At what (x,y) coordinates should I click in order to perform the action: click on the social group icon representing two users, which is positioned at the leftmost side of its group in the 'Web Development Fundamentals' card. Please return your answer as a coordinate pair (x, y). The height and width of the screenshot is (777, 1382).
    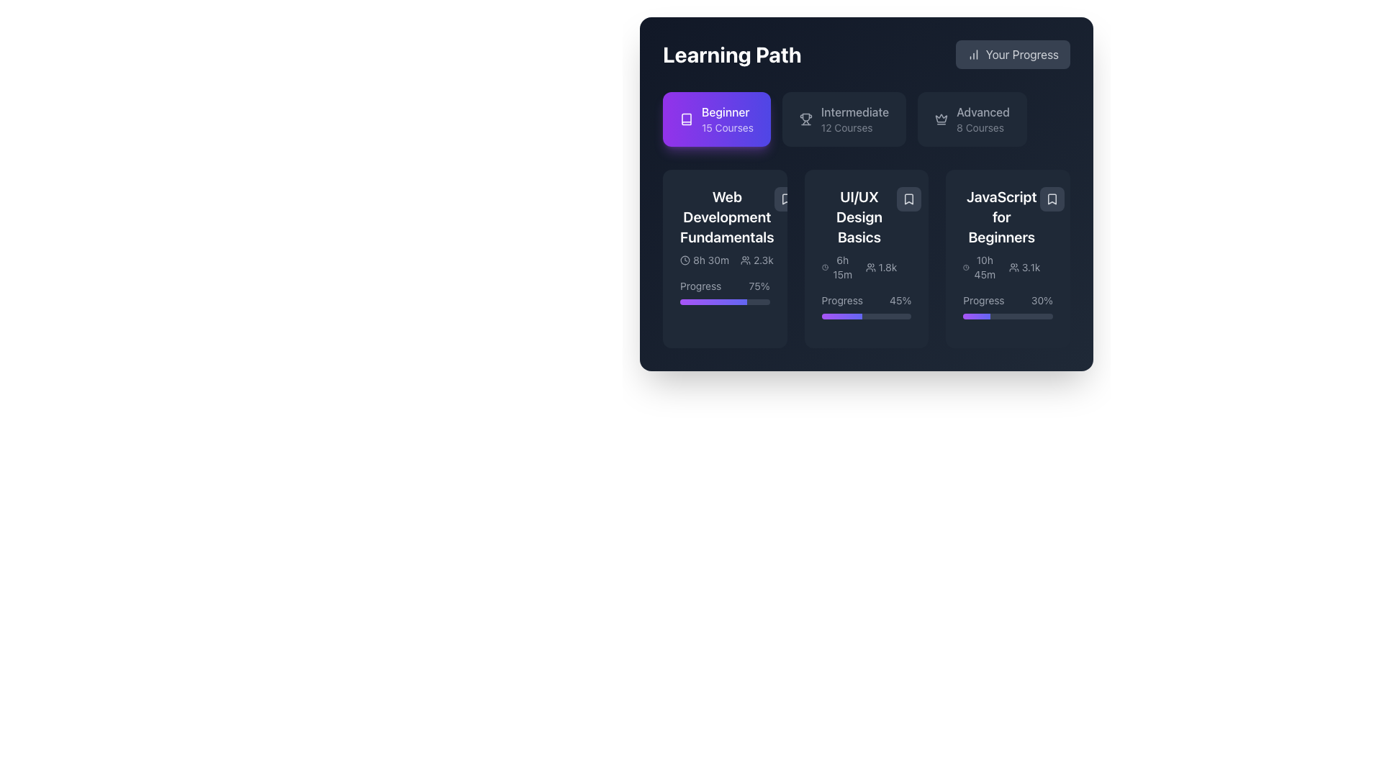
    Looking at the image, I should click on (746, 260).